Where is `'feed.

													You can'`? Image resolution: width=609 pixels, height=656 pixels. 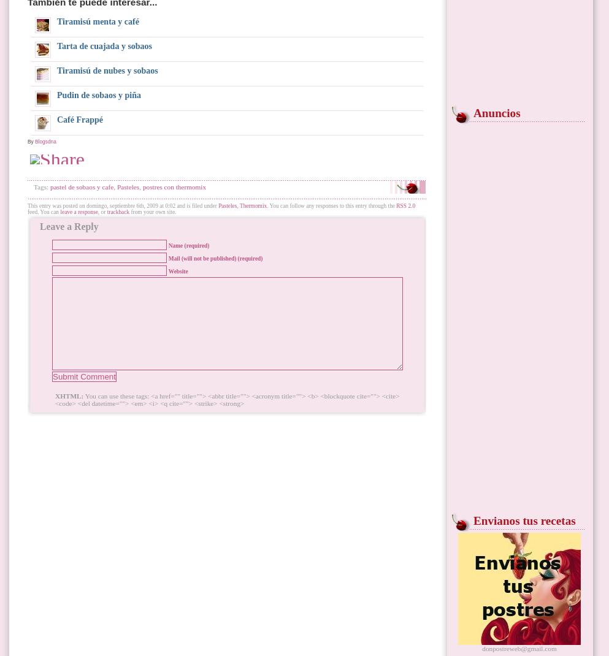
'feed.

													You can' is located at coordinates (44, 212).